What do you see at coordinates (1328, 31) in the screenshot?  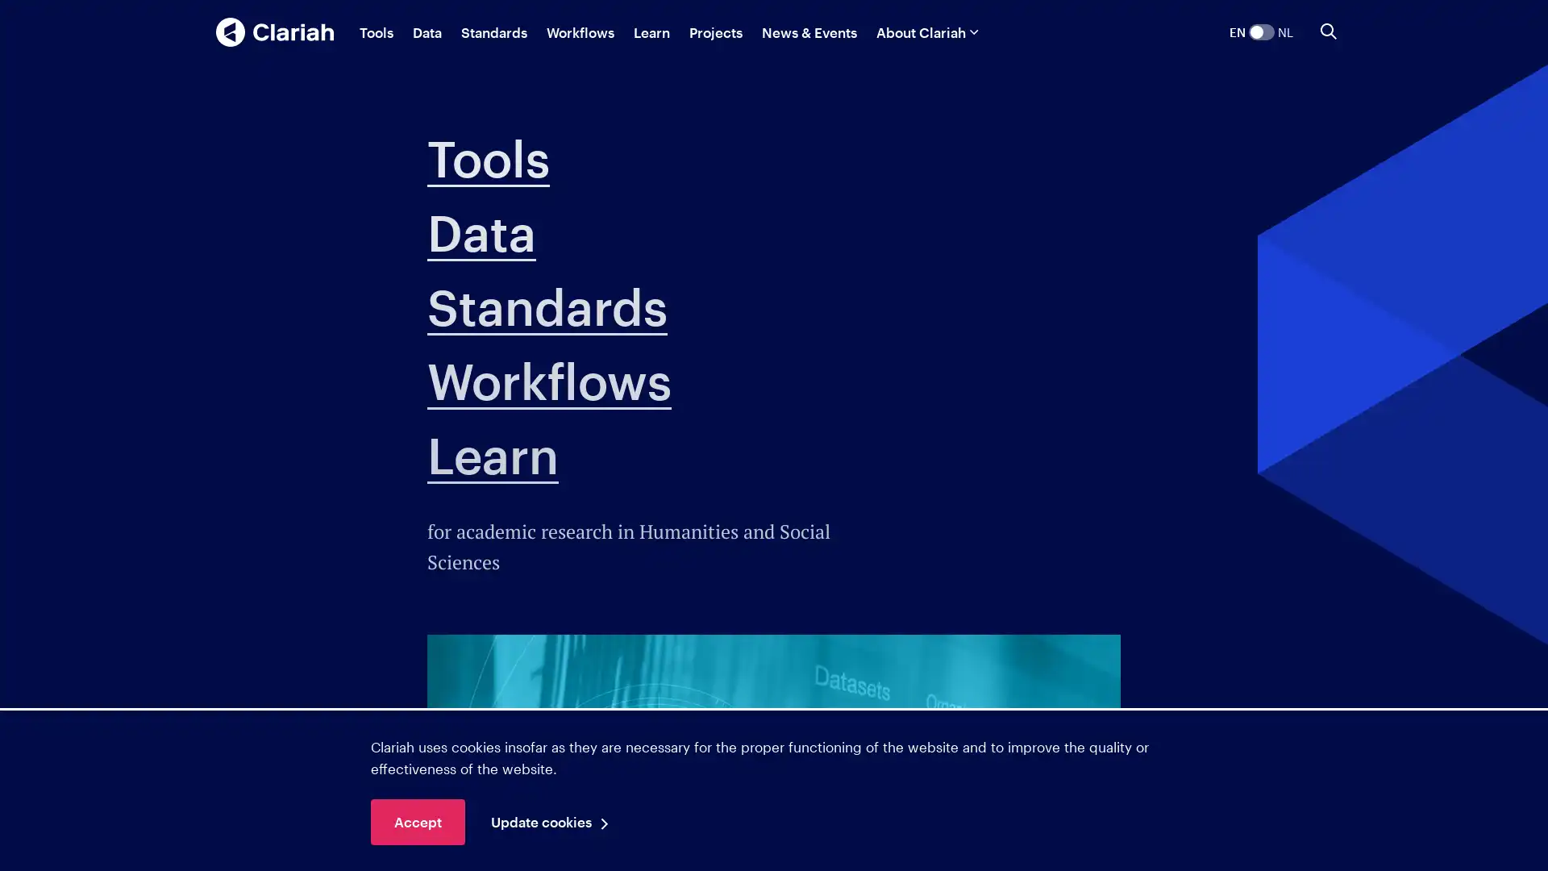 I see `Open searchbar` at bounding box center [1328, 31].